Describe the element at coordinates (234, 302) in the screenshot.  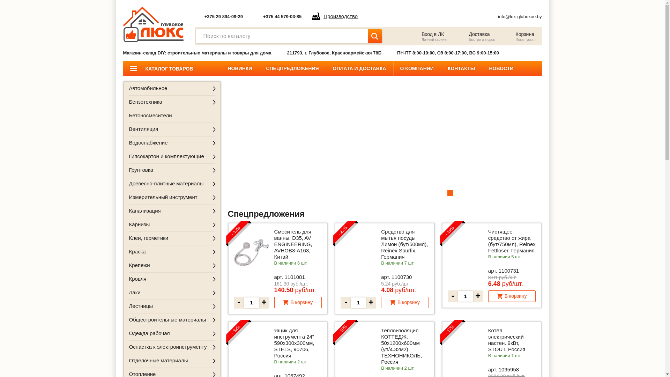
I see `'-'` at that location.